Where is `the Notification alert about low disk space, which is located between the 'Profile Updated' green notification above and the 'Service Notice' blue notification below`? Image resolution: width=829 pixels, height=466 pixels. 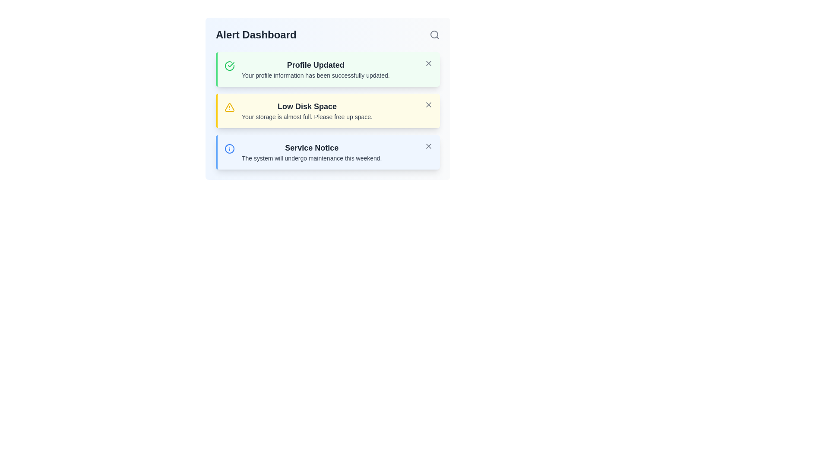
the Notification alert about low disk space, which is located between the 'Profile Updated' green notification above and the 'Service Notice' blue notification below is located at coordinates (327, 110).